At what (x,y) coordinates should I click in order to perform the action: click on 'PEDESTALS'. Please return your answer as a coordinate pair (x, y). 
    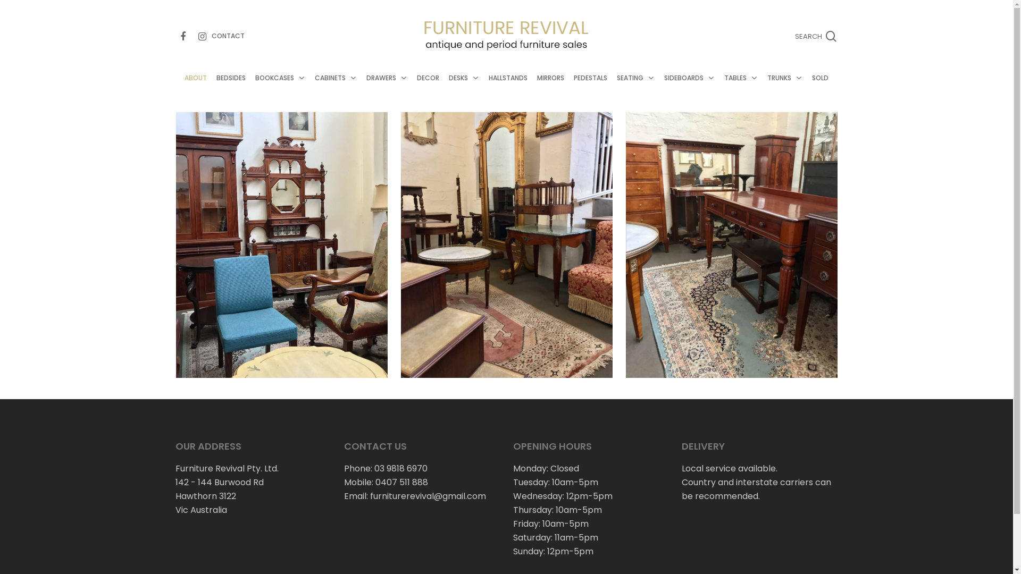
    Looking at the image, I should click on (590, 88).